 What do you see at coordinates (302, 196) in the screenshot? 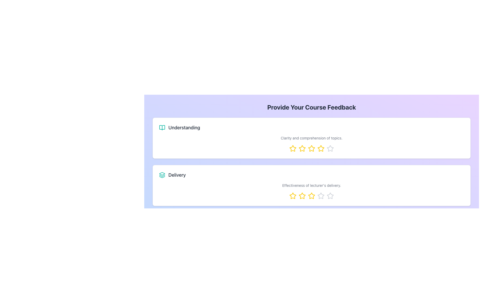
I see `the second yellow star icon in the rating row under the 'Delivery' section to rate it` at bounding box center [302, 196].